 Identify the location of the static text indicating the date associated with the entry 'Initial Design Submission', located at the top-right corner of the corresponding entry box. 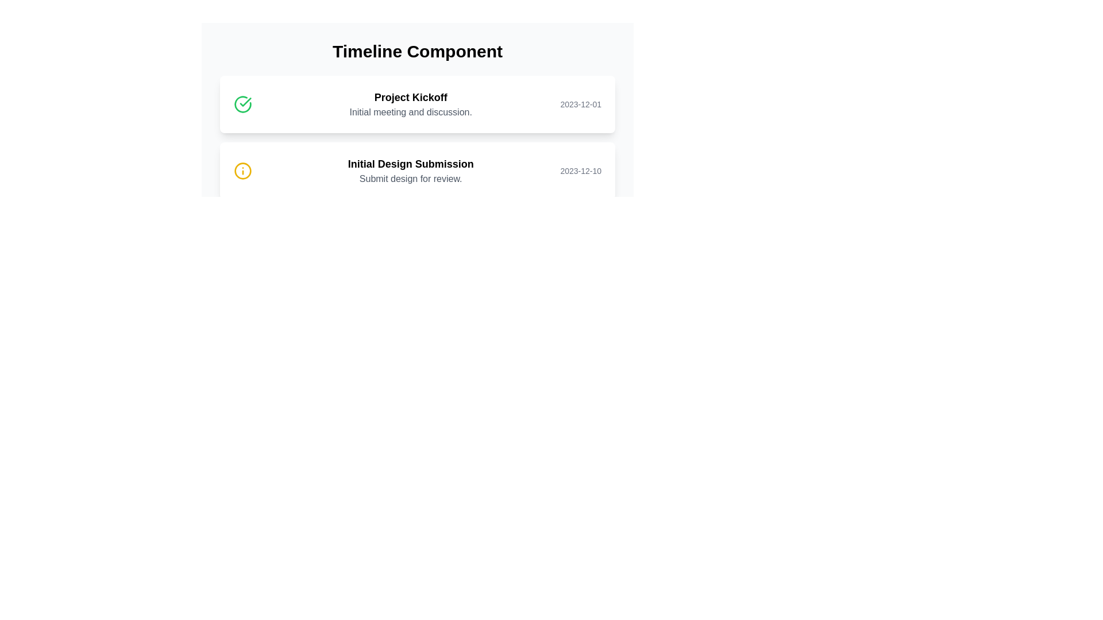
(581, 170).